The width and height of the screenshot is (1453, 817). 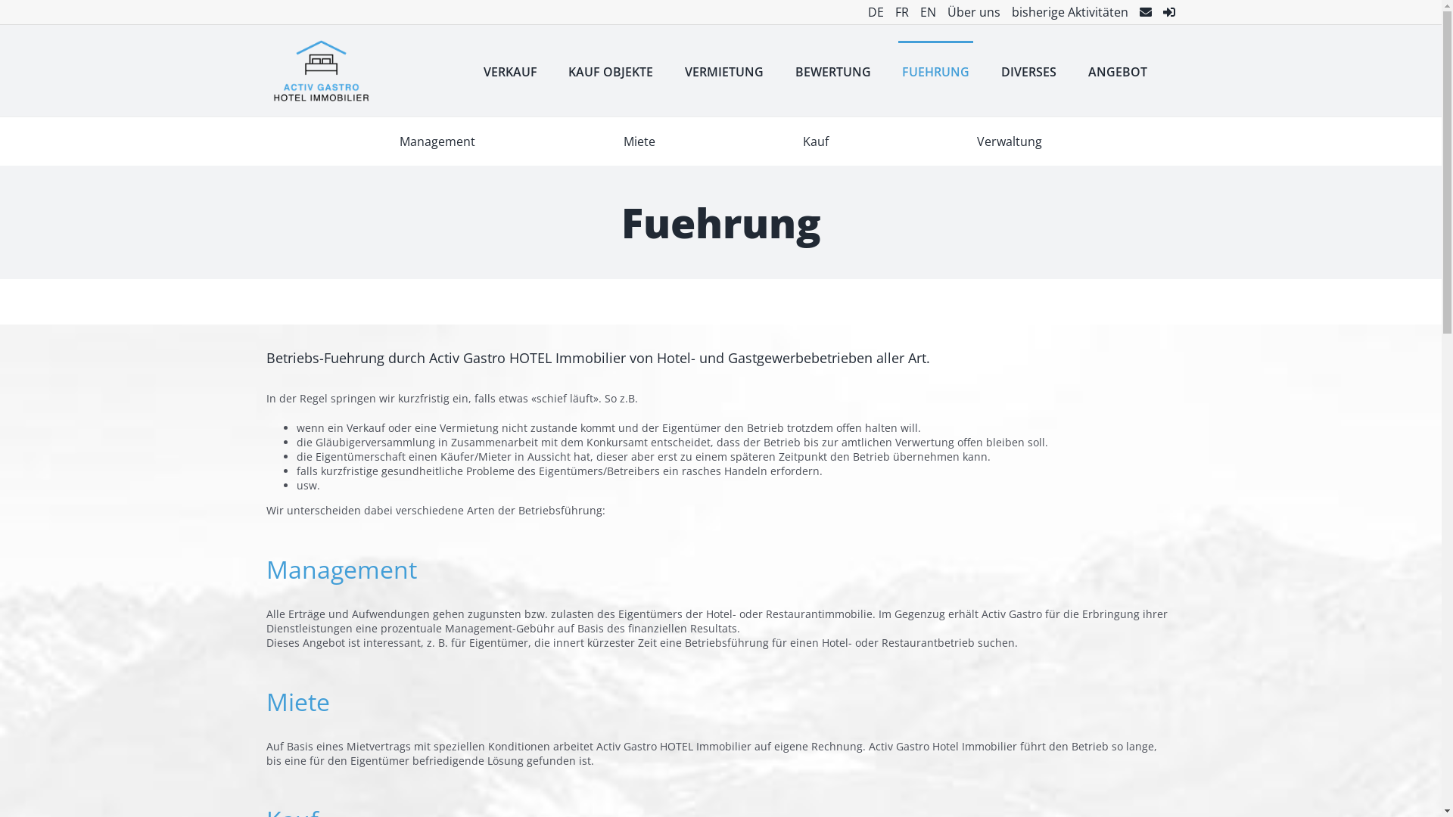 What do you see at coordinates (870, 11) in the screenshot?
I see `'DE'` at bounding box center [870, 11].